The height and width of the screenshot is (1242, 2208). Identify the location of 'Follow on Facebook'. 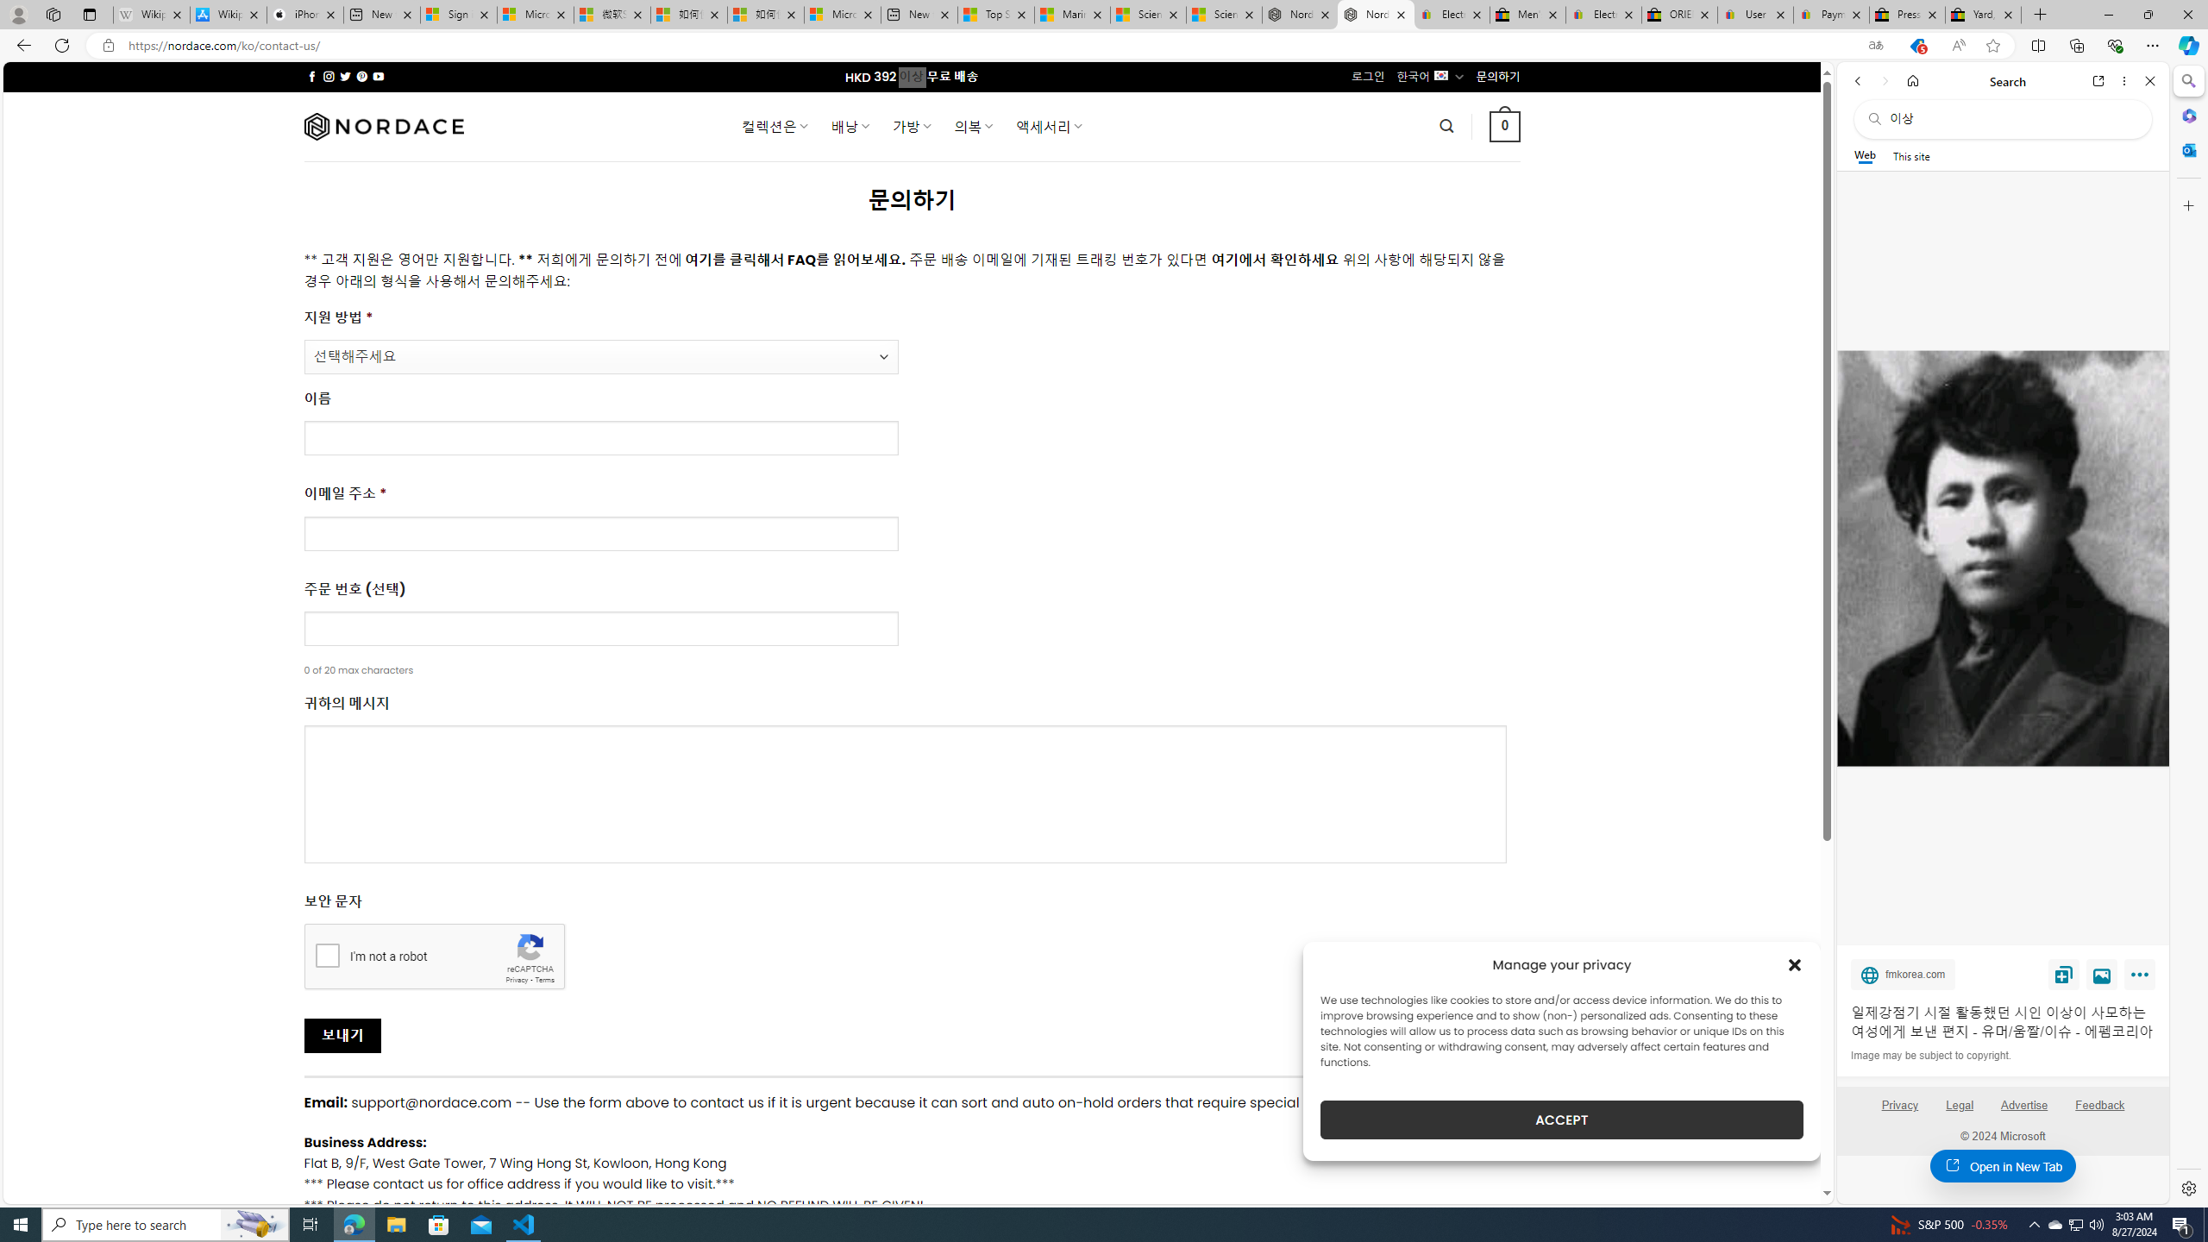
(312, 76).